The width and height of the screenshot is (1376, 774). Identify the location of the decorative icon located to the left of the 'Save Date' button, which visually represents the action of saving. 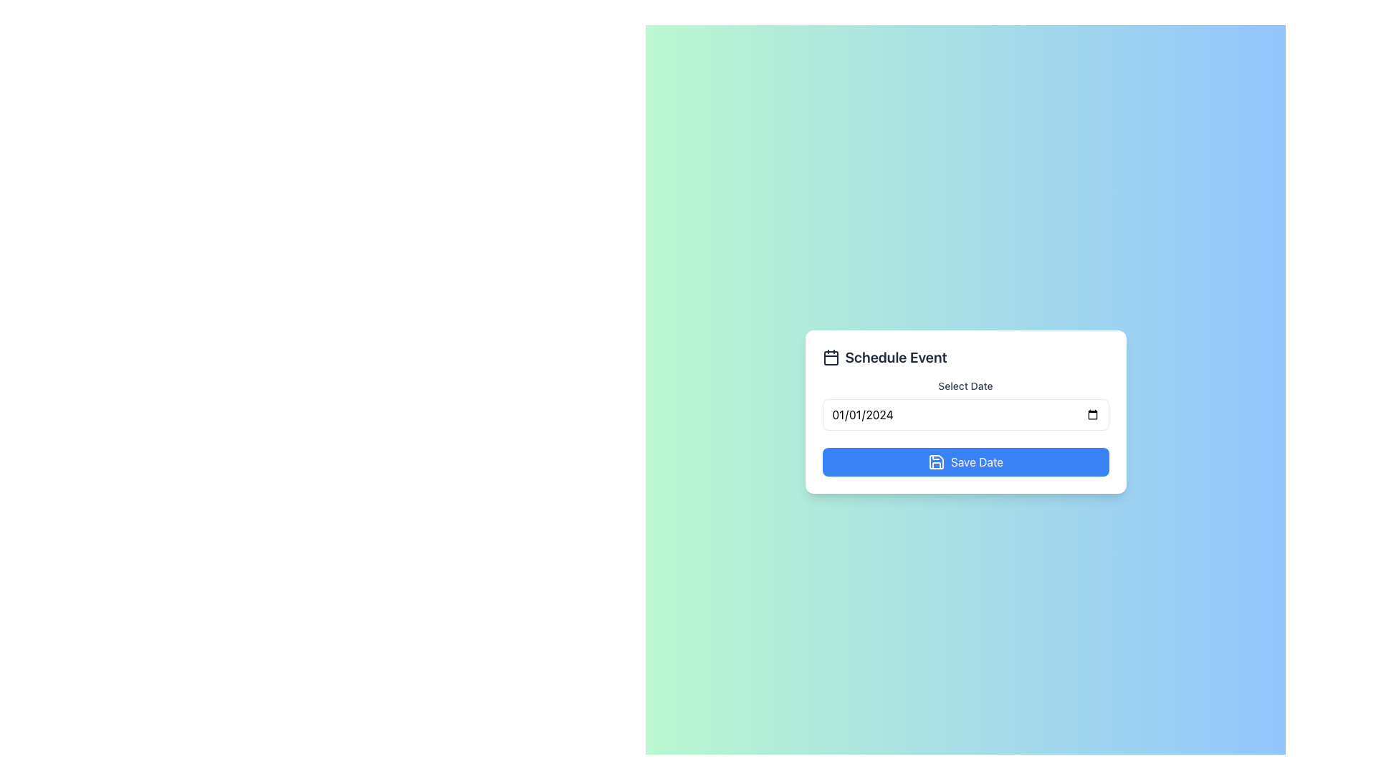
(936, 462).